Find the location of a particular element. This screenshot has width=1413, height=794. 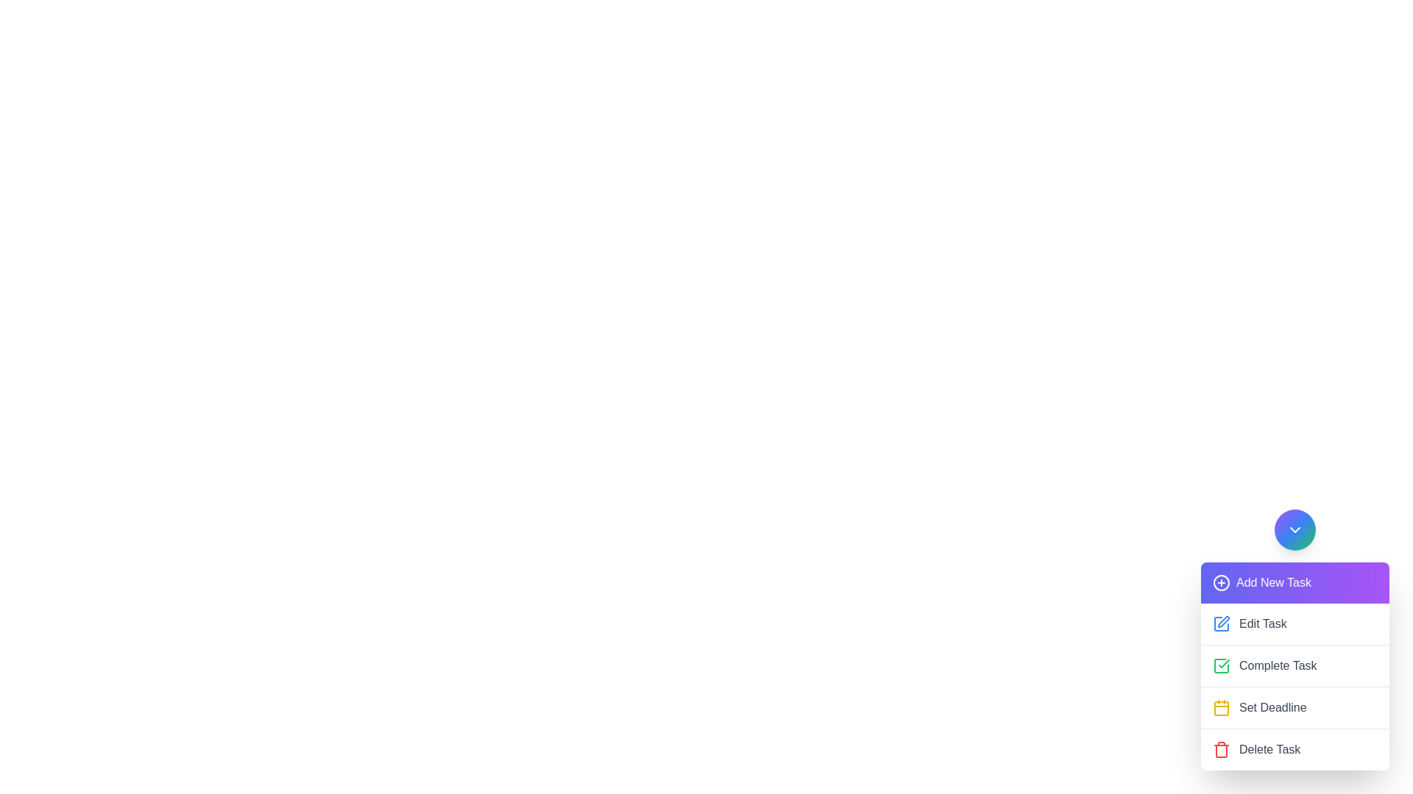

'Set Deadline' text label, which is styled in a gray font and positioned to the right of a yellow calendar icon, located in a vertical list of menu items is located at coordinates (1272, 707).